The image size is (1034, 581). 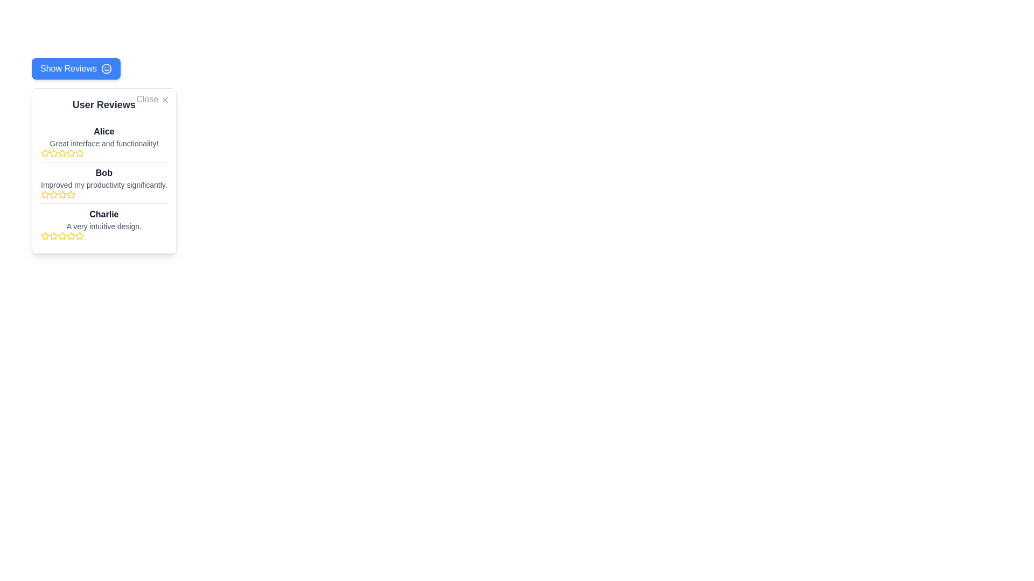 What do you see at coordinates (104, 140) in the screenshot?
I see `user review displayed in the Review Display Block, which is the first entry in the list of reviews, positioned above reviews labeled 'Bob' and 'Charlie'` at bounding box center [104, 140].